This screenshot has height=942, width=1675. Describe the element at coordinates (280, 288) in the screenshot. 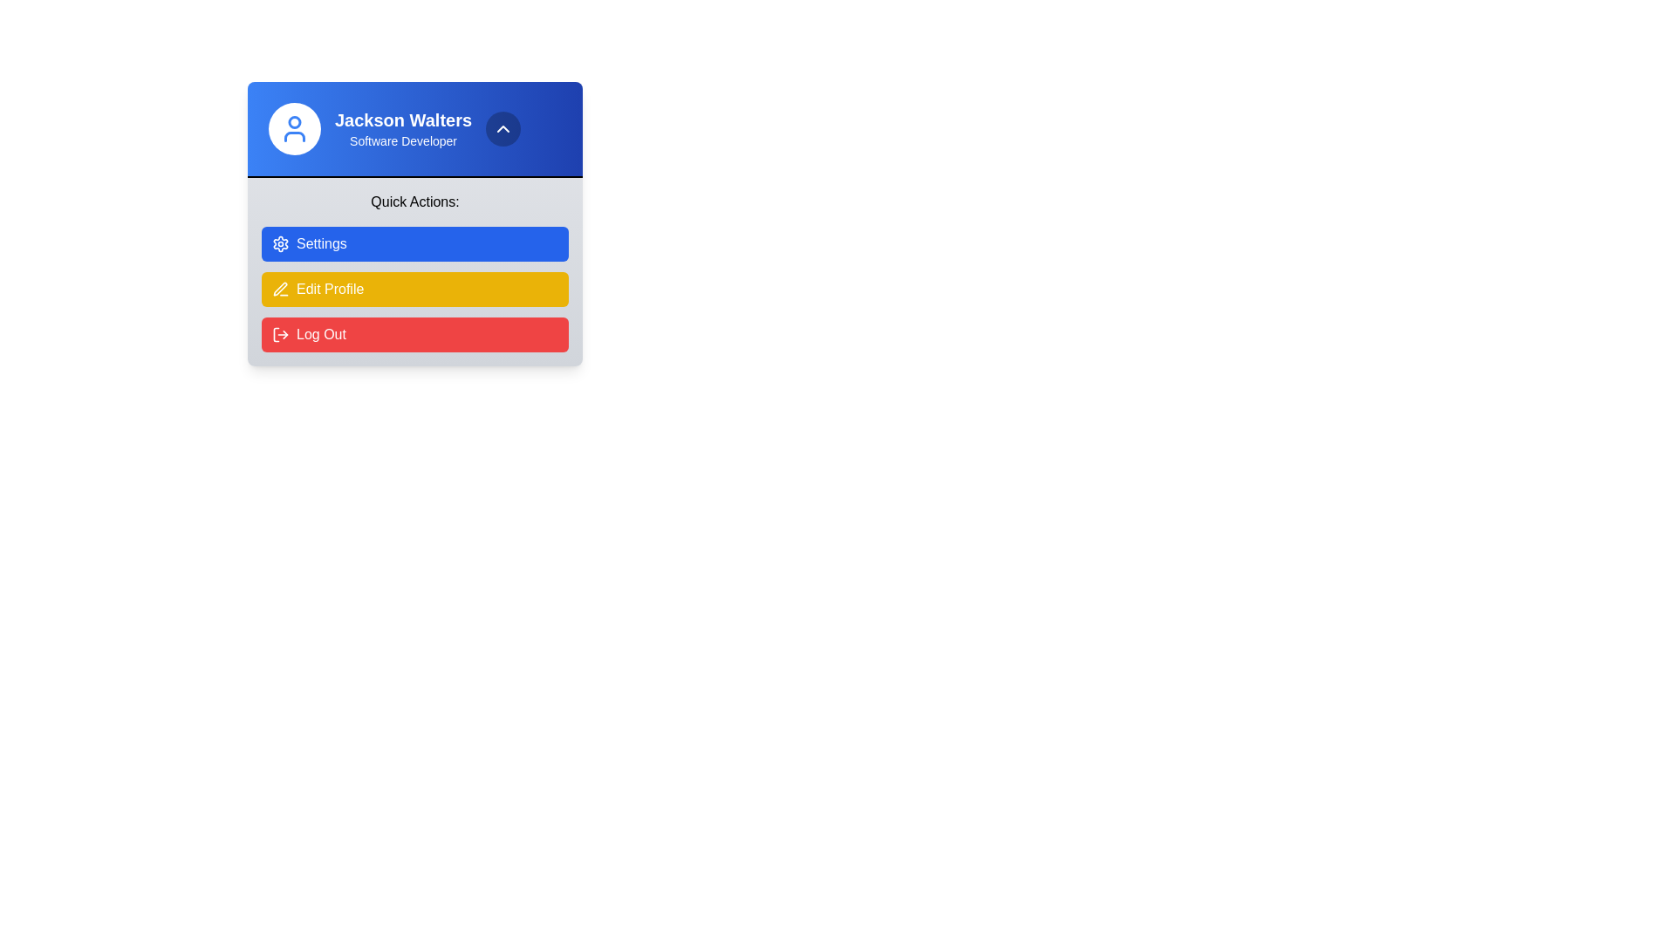

I see `the 'Edit Profile' button represented by the pen icon, which is the second button in the vertically stacked list of action buttons within the menu panel` at that location.